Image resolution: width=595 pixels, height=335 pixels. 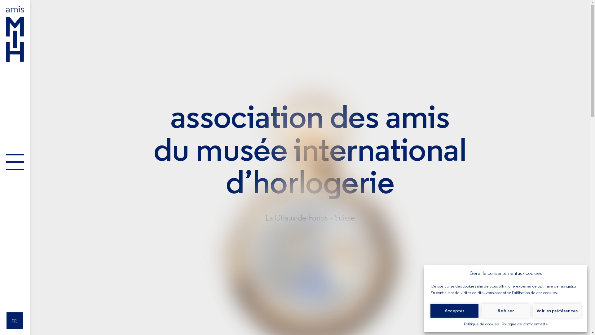 What do you see at coordinates (480, 324) in the screenshot?
I see `'Politique de cookies'` at bounding box center [480, 324].